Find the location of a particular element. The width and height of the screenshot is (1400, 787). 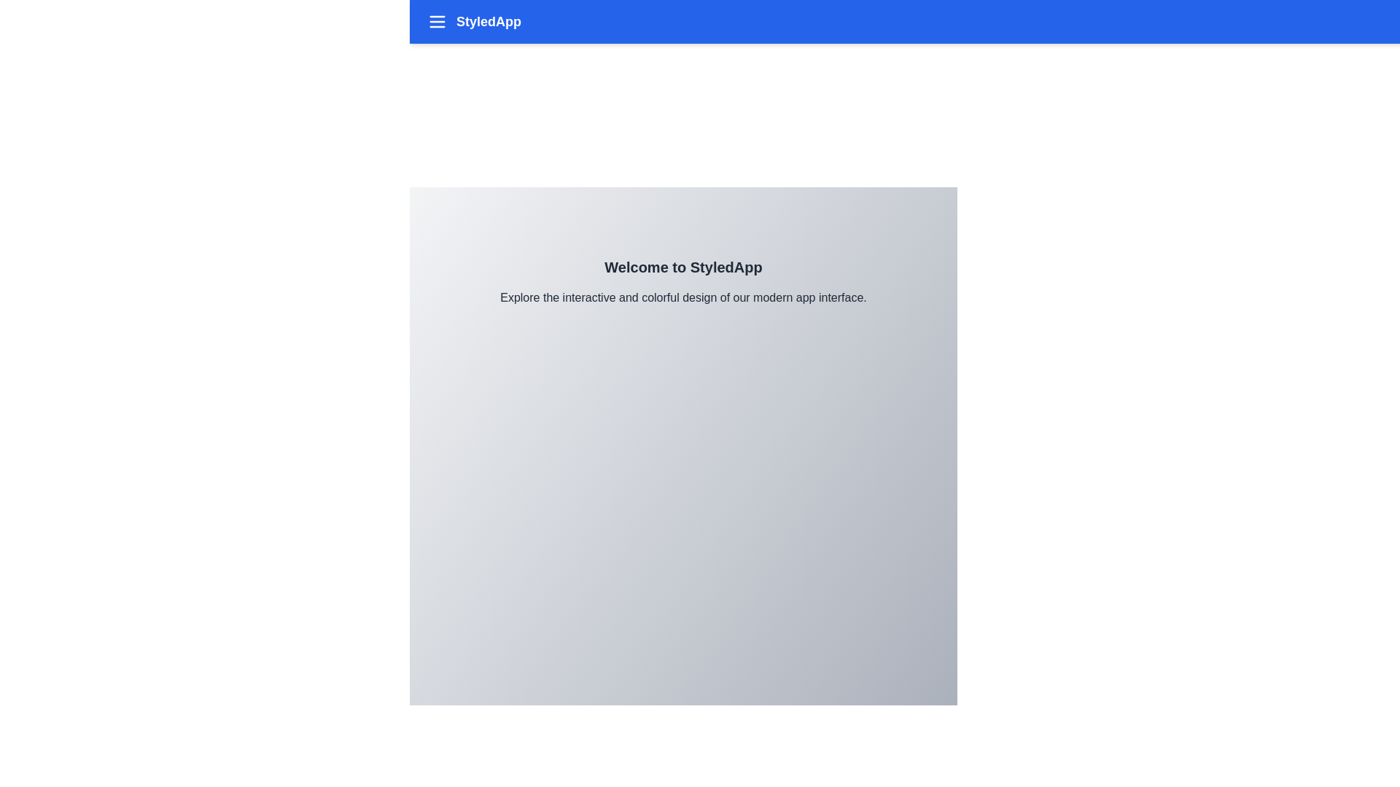

the menu icon to toggle the menu is located at coordinates (437, 22).